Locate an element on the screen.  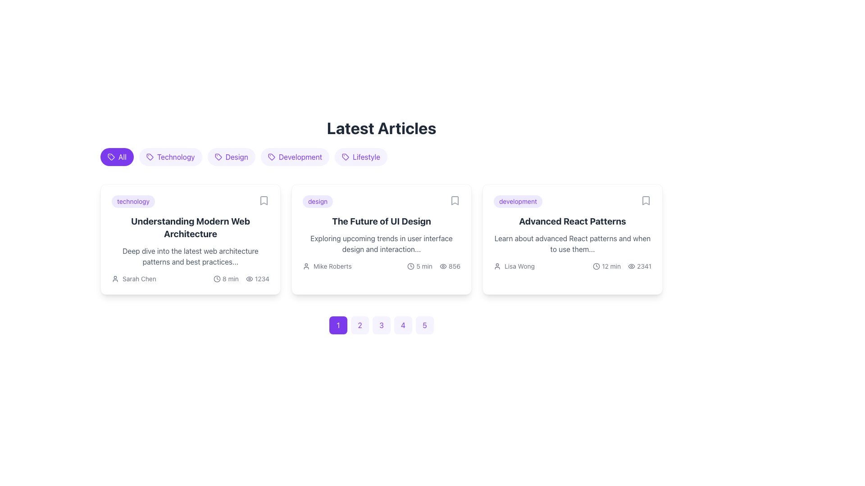
the text displaying 'Advanced React Patterns' in bold and large font is located at coordinates (572, 221).